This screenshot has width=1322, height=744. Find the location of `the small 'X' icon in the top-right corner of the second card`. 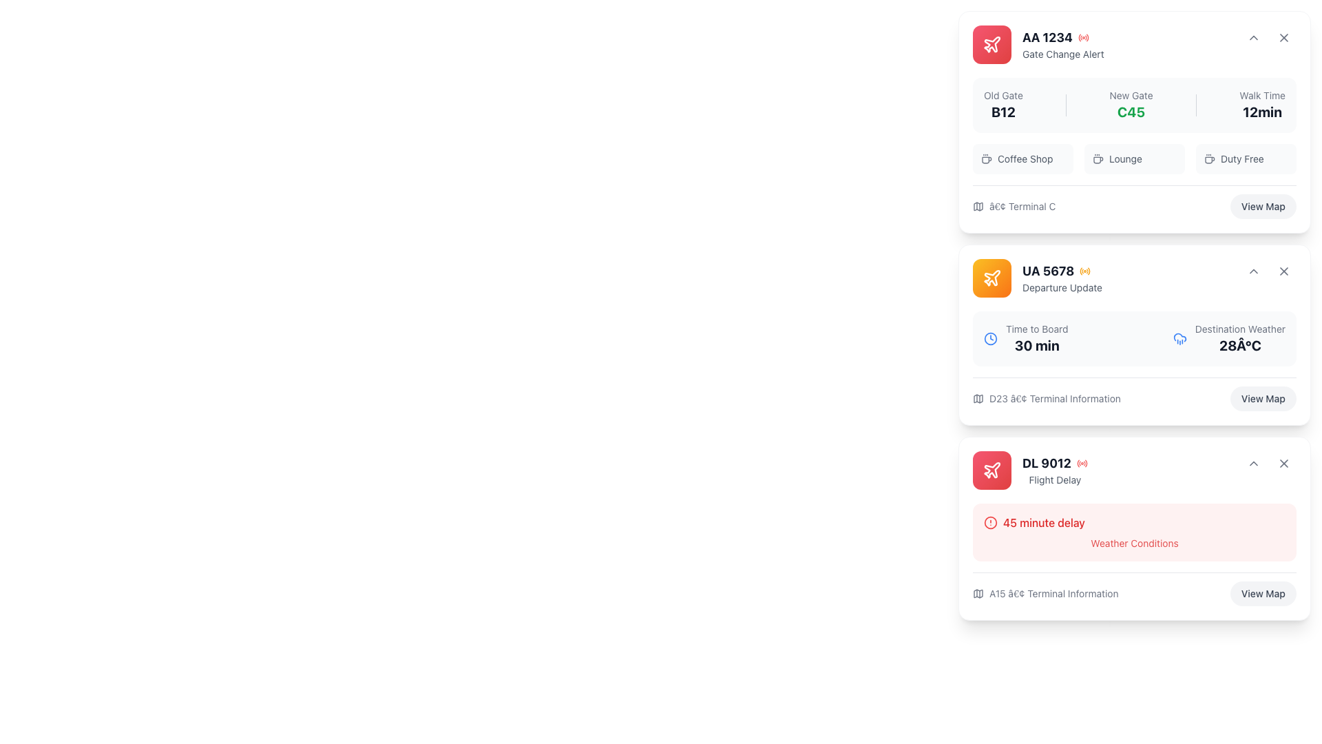

the small 'X' icon in the top-right corner of the second card is located at coordinates (1283, 271).